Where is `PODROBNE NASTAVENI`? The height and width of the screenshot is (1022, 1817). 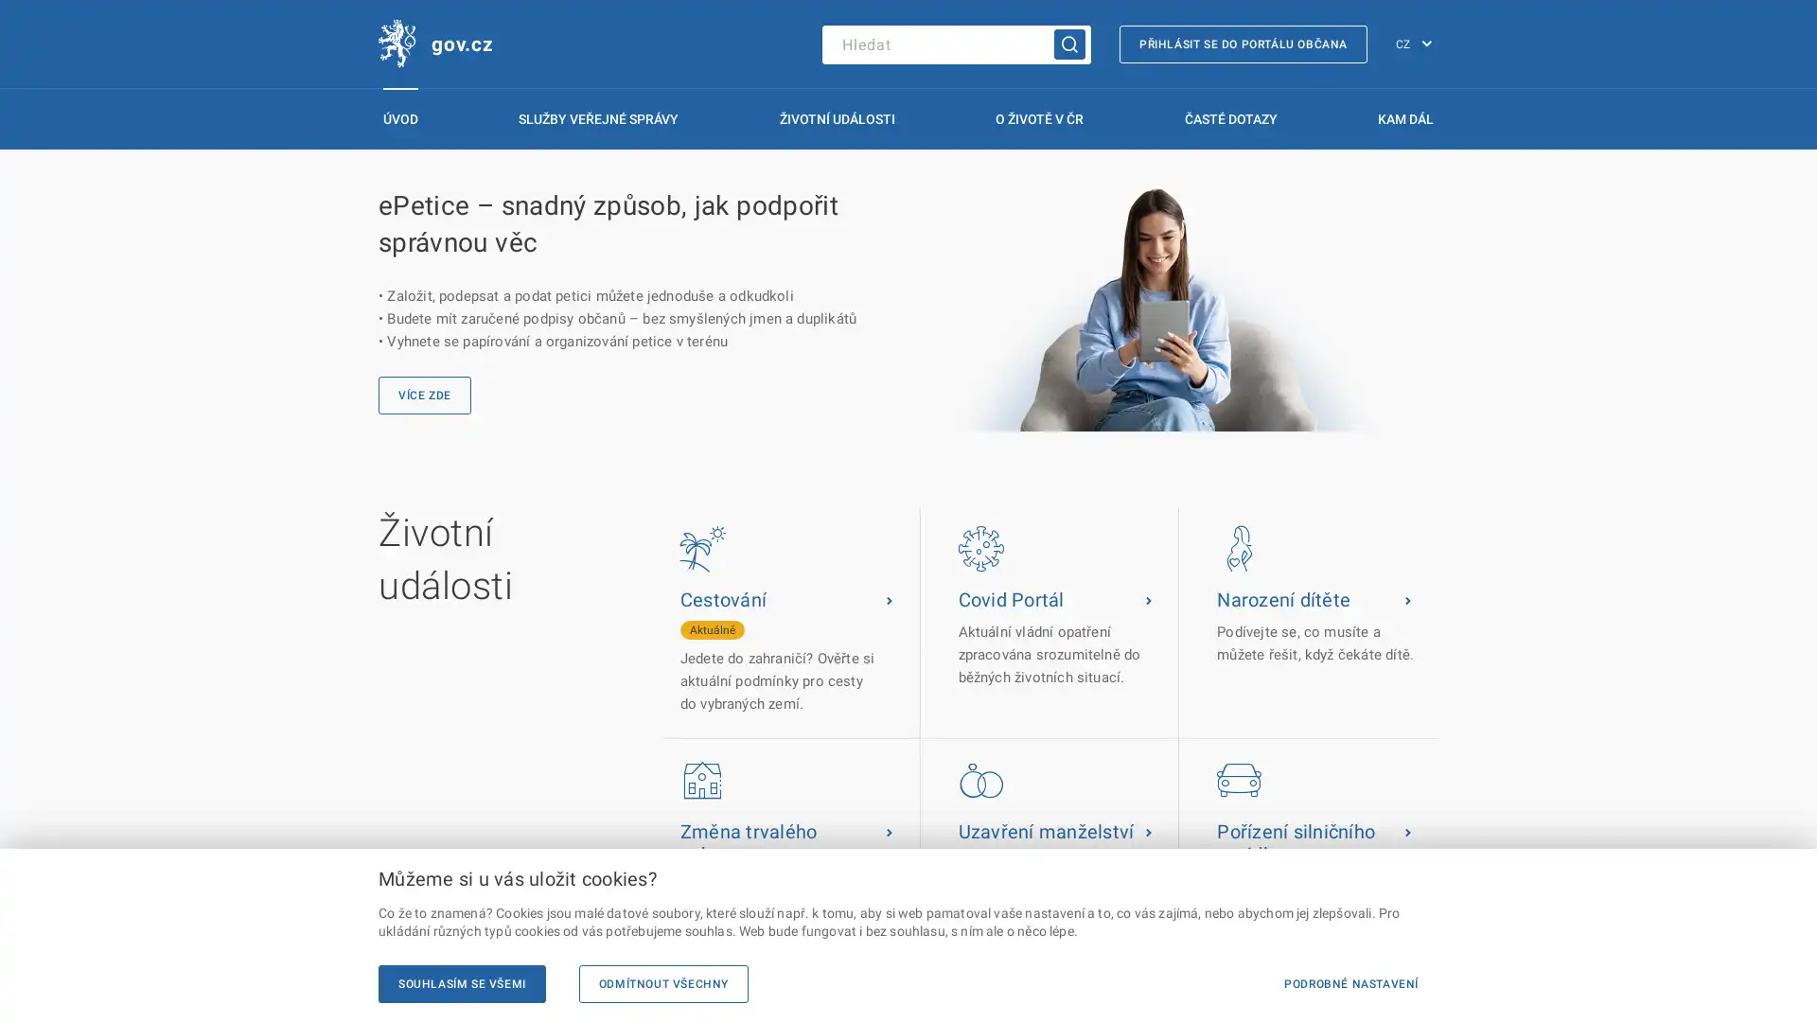
PODROBNE NASTAVENI is located at coordinates (1350, 983).